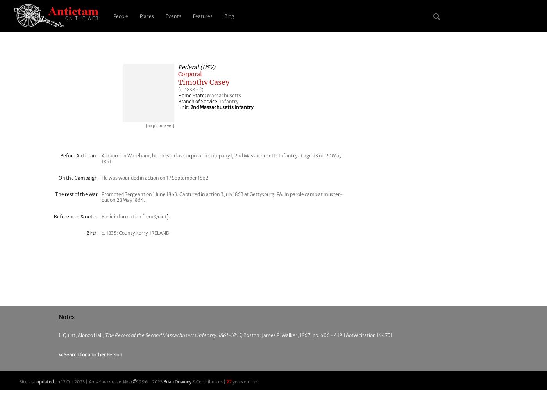 The height and width of the screenshot is (399, 547). What do you see at coordinates (190, 74) in the screenshot?
I see `'Corporal'` at bounding box center [190, 74].